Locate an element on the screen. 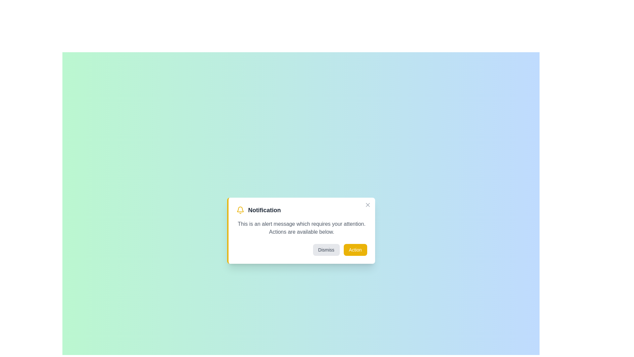 This screenshot has width=634, height=357. the 'Action' button to perform the associated action is located at coordinates (355, 250).